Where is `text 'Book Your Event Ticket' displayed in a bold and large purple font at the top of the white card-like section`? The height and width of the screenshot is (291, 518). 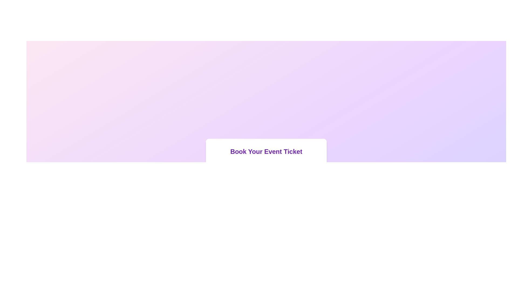
text 'Book Your Event Ticket' displayed in a bold and large purple font at the top of the white card-like section is located at coordinates (266, 151).